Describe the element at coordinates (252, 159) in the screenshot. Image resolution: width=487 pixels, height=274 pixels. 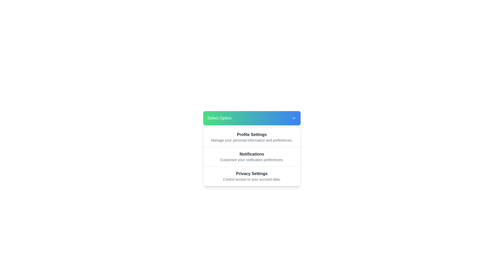
I see `text label that provides additional information regarding the 'Notifications' settings option, which is positioned directly below the 'Notifications' text in the middle section of a vertically aligned card layout` at that location.